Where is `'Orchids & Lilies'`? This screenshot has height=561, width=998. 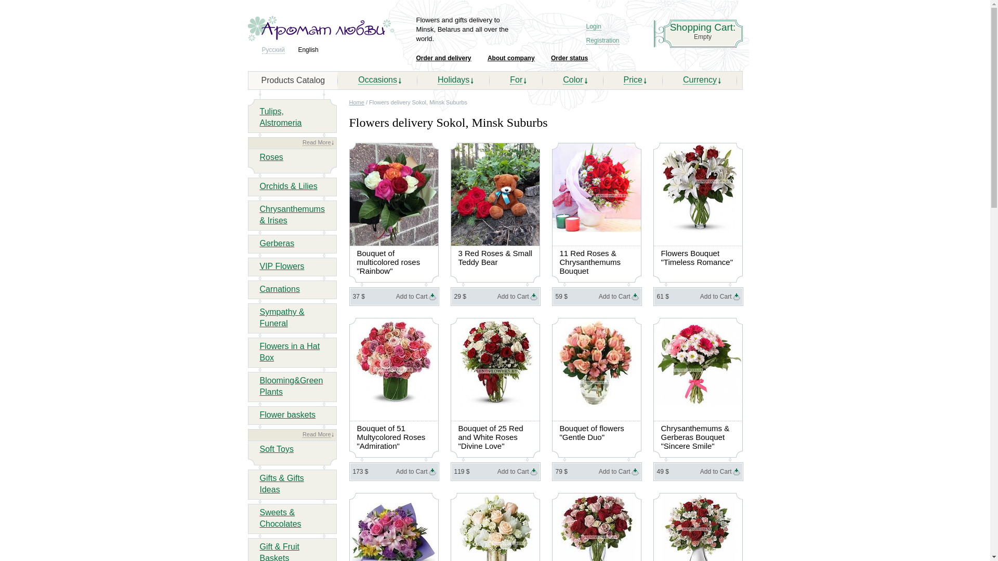 'Orchids & Lilies' is located at coordinates (288, 185).